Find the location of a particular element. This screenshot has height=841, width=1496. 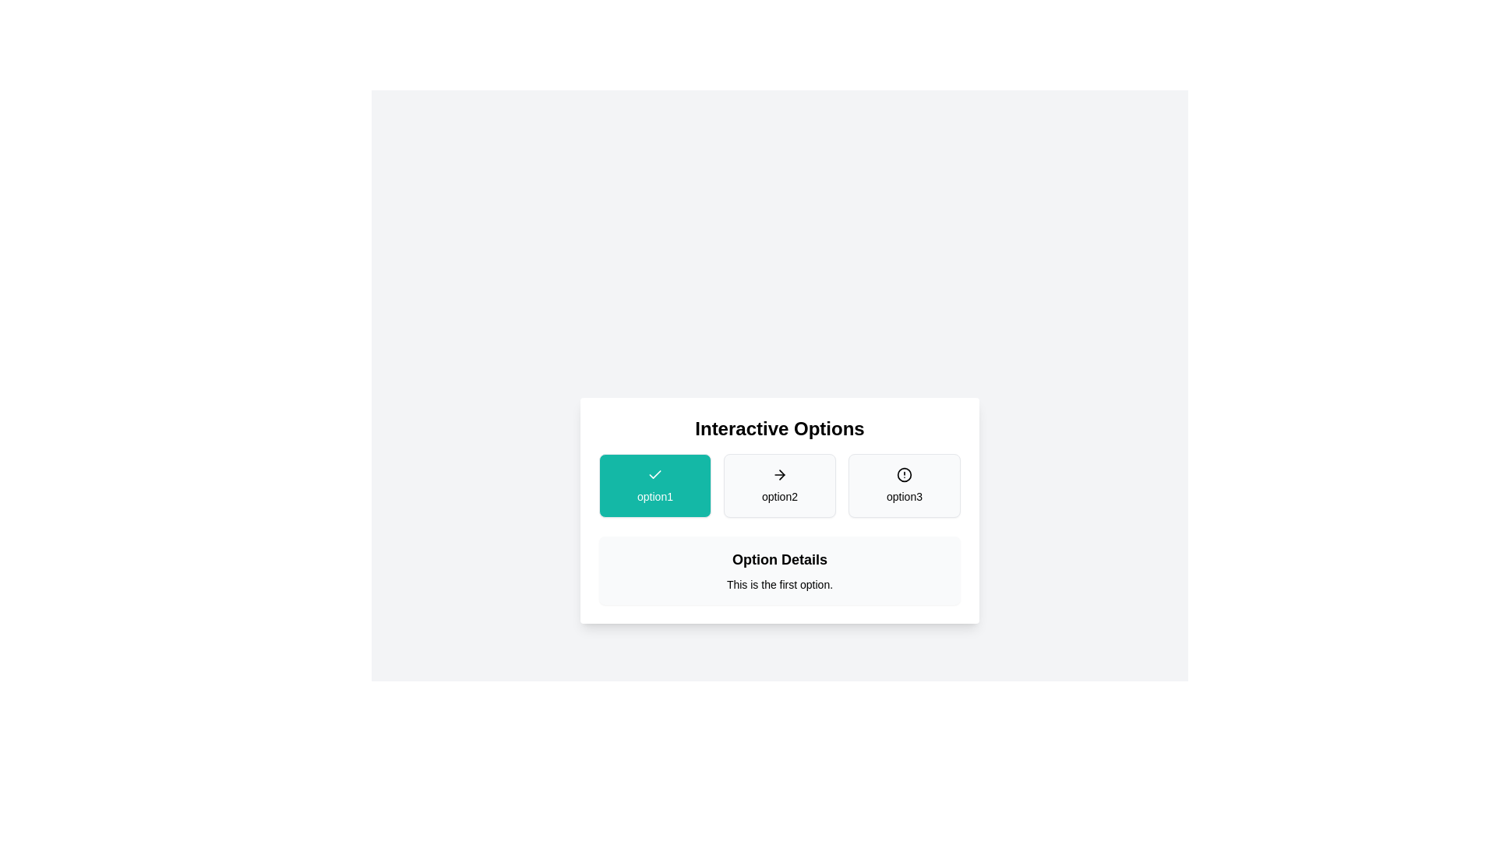

the interactive options selector labeled 'Interactive Options' which includes 'option1', 'option2', and 'option3' is located at coordinates (780, 510).